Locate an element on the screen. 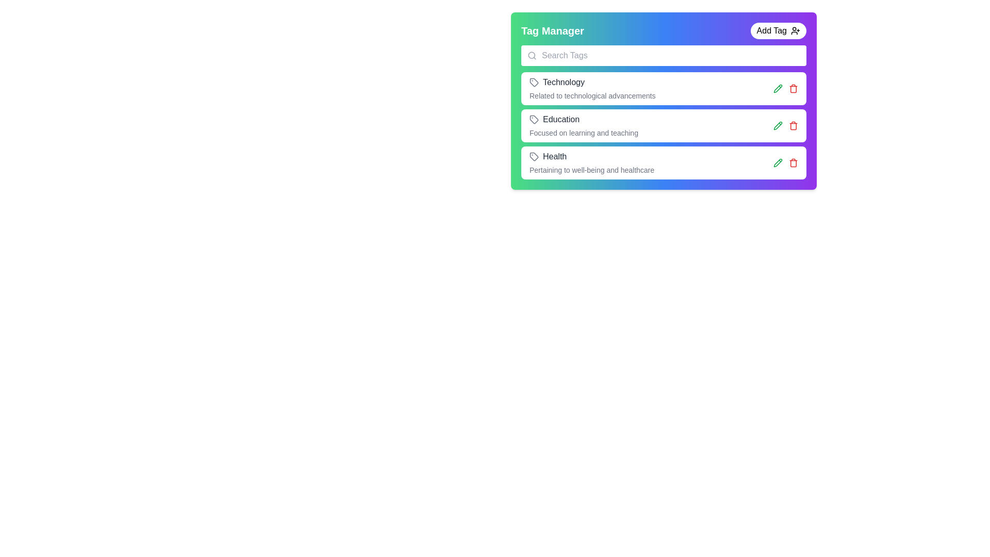 The width and height of the screenshot is (990, 557). the delete button located at the right end of the item bar to change its color is located at coordinates (793, 125).